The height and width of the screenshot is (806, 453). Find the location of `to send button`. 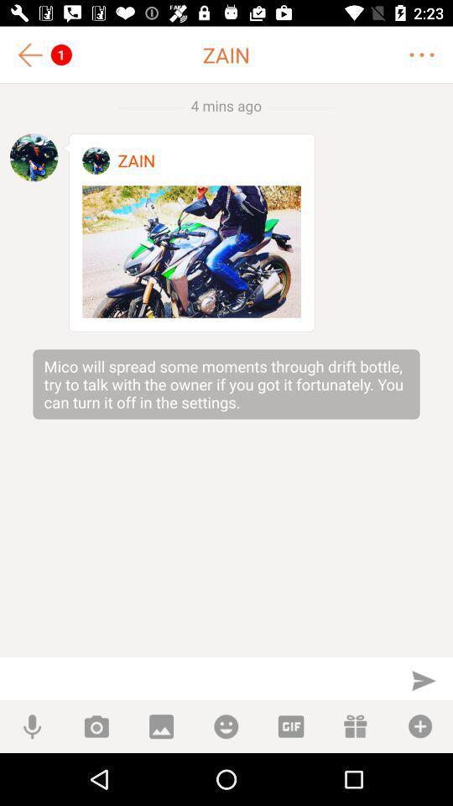

to send button is located at coordinates (423, 680).